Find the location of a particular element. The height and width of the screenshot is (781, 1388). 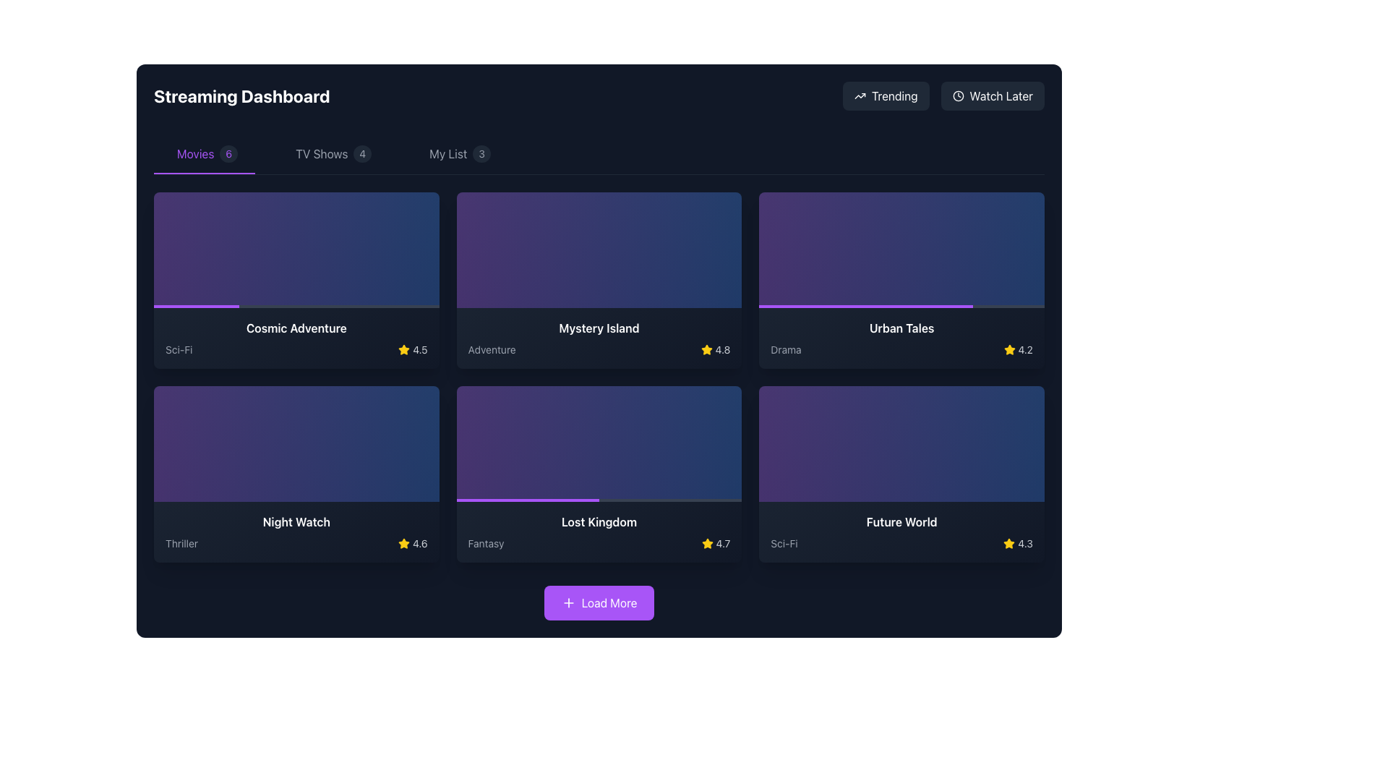

the decorative area in the top section of the 'Urban Tales' card located in the rightmost column of the first row is located at coordinates (901, 249).